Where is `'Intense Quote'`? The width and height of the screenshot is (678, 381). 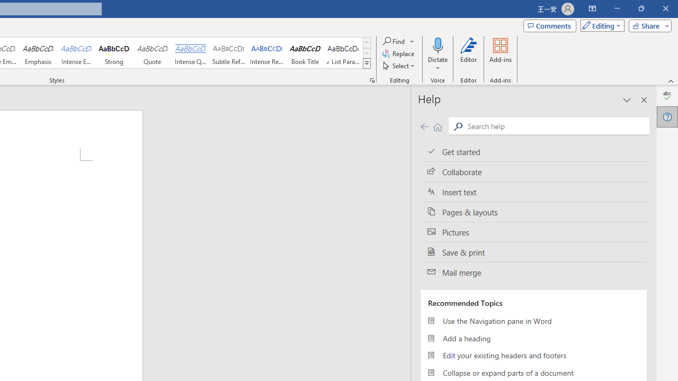 'Intense Quote' is located at coordinates (190, 53).